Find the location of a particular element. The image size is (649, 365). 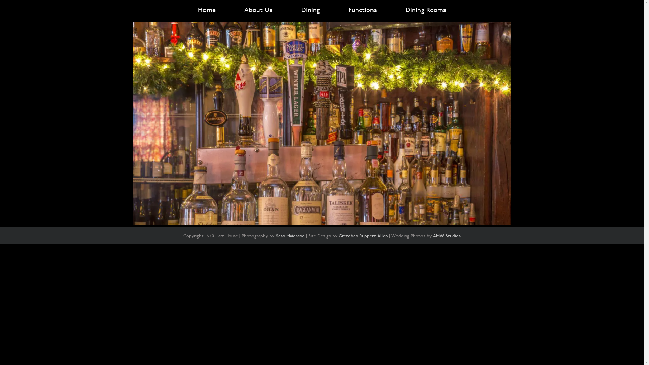

'About Us' is located at coordinates (258, 10).